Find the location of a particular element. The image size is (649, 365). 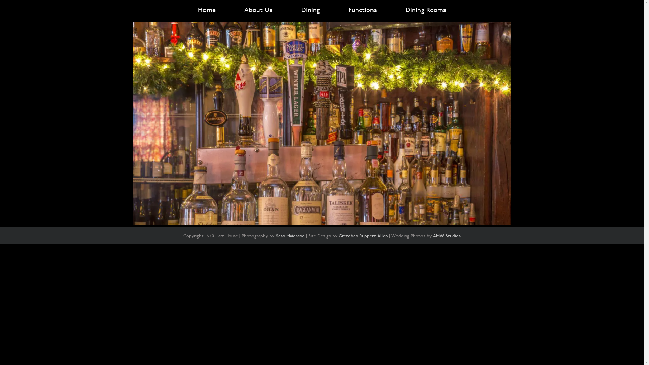

'About Us' is located at coordinates (258, 10).